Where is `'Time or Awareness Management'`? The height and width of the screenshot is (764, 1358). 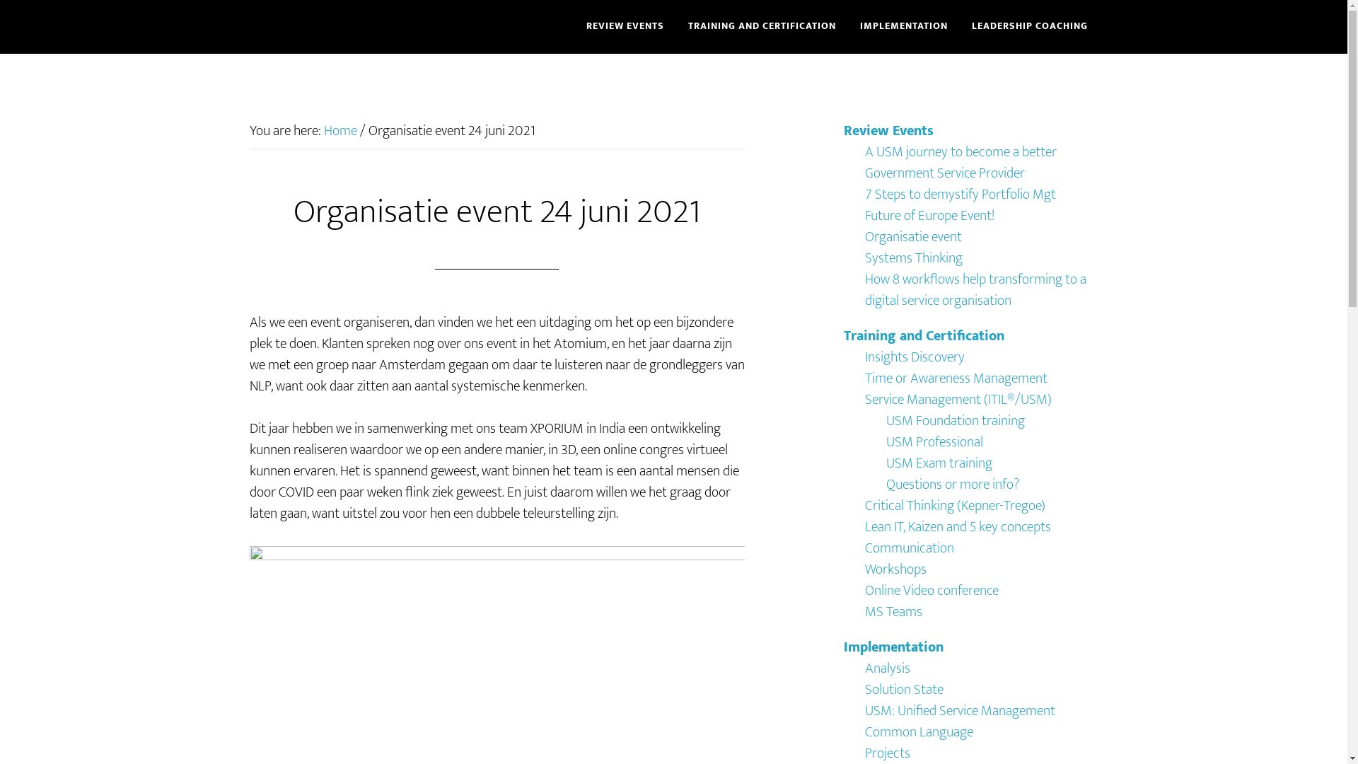 'Time or Awareness Management' is located at coordinates (955, 378).